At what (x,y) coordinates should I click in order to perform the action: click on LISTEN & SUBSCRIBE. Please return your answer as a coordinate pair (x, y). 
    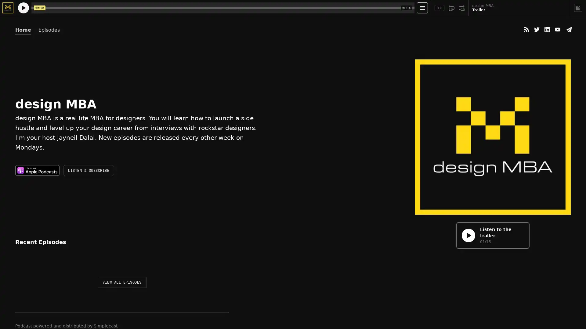
    Looking at the image, I should click on (88, 170).